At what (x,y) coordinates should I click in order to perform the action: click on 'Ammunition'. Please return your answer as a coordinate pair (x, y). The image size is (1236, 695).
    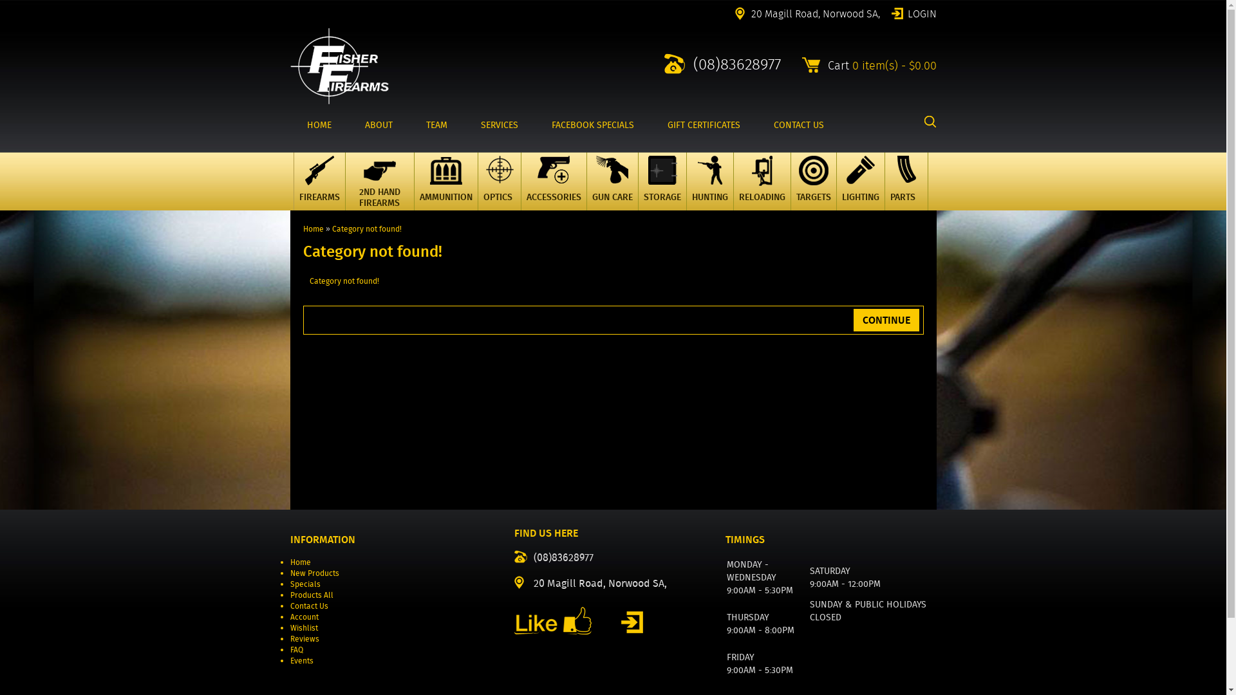
    Looking at the image, I should click on (429, 189).